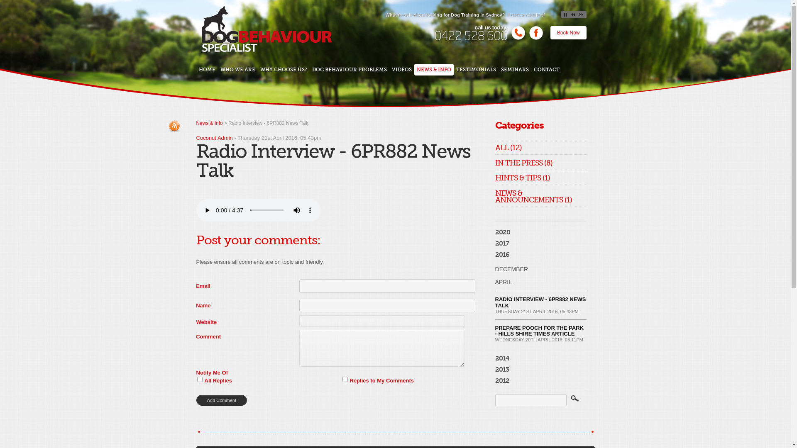 Image resolution: width=797 pixels, height=448 pixels. What do you see at coordinates (546, 69) in the screenshot?
I see `'CONTACT'` at bounding box center [546, 69].